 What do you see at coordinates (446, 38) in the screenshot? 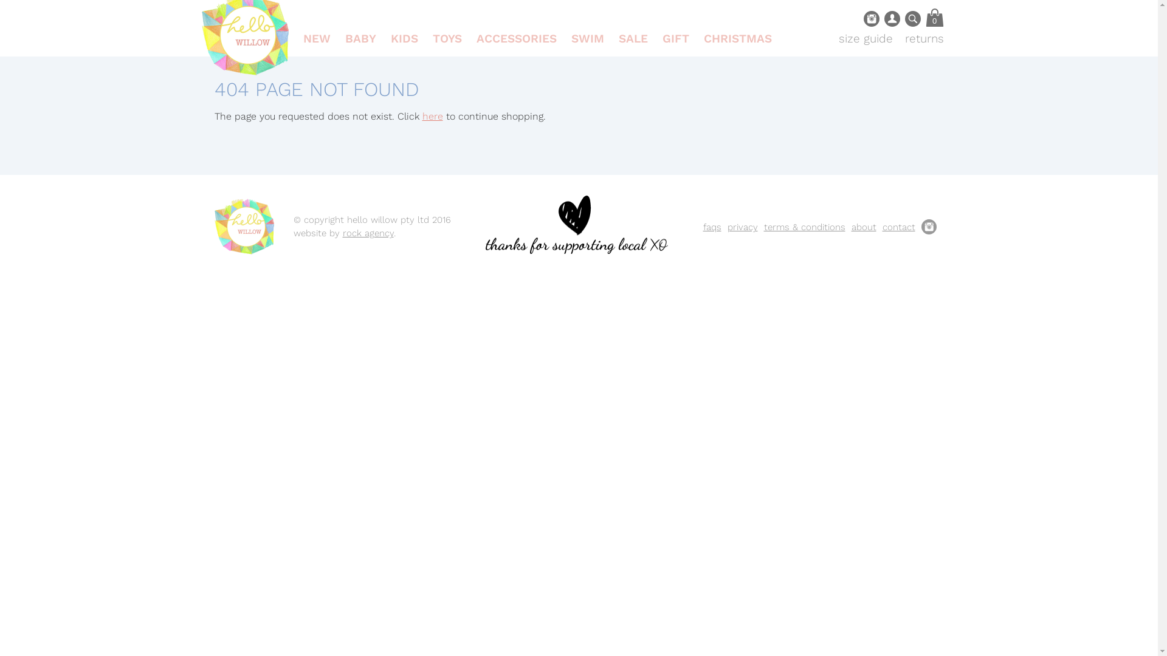
I see `'TOYS'` at bounding box center [446, 38].